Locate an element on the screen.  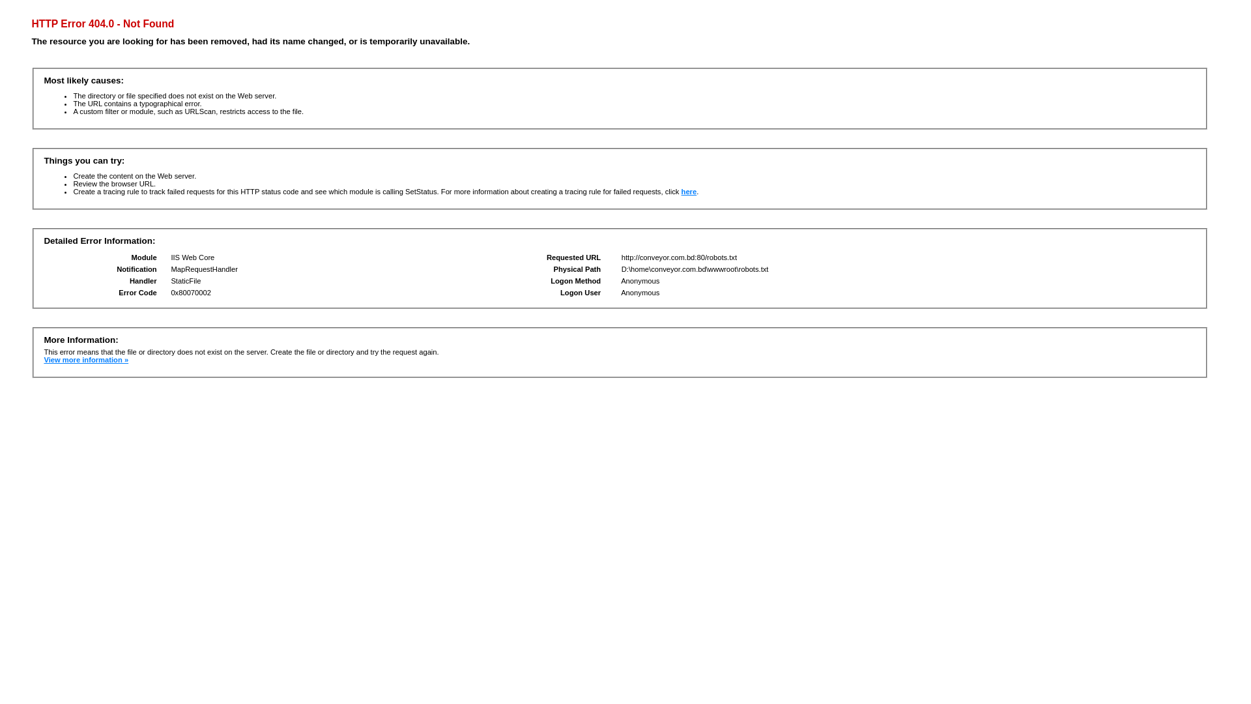
'here' is located at coordinates (681, 191).